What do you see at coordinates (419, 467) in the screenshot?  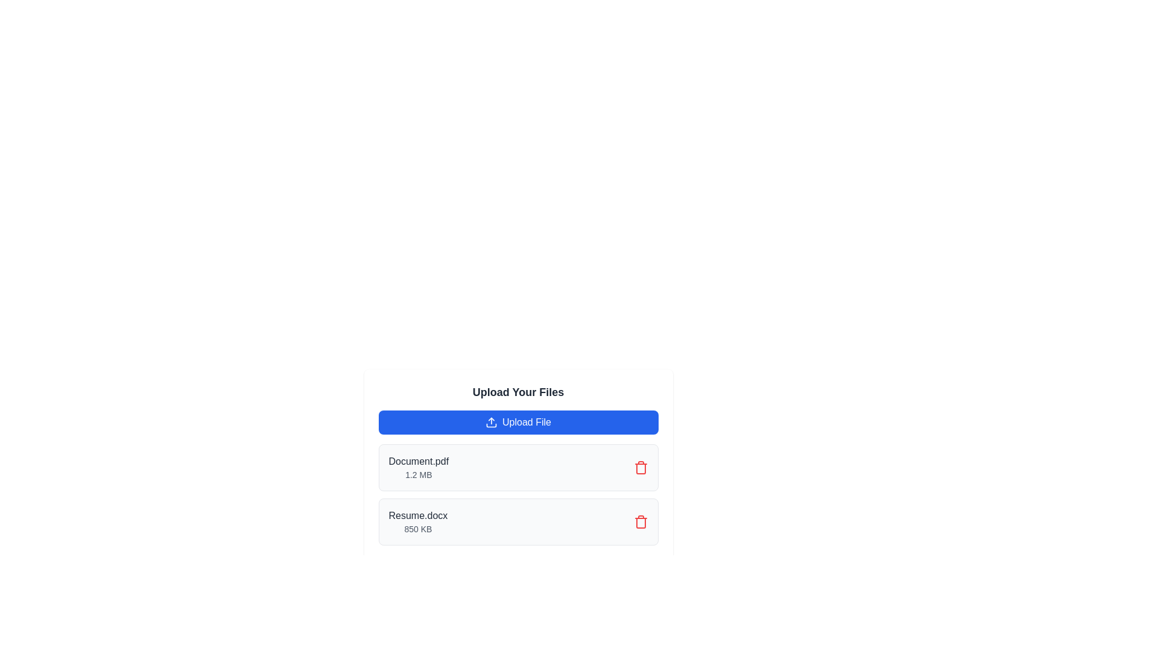 I see `the Text label that identifies the file named 'Document.pdf' with a size of 1.2 MB, located under the blue 'Upload File' button` at bounding box center [419, 467].